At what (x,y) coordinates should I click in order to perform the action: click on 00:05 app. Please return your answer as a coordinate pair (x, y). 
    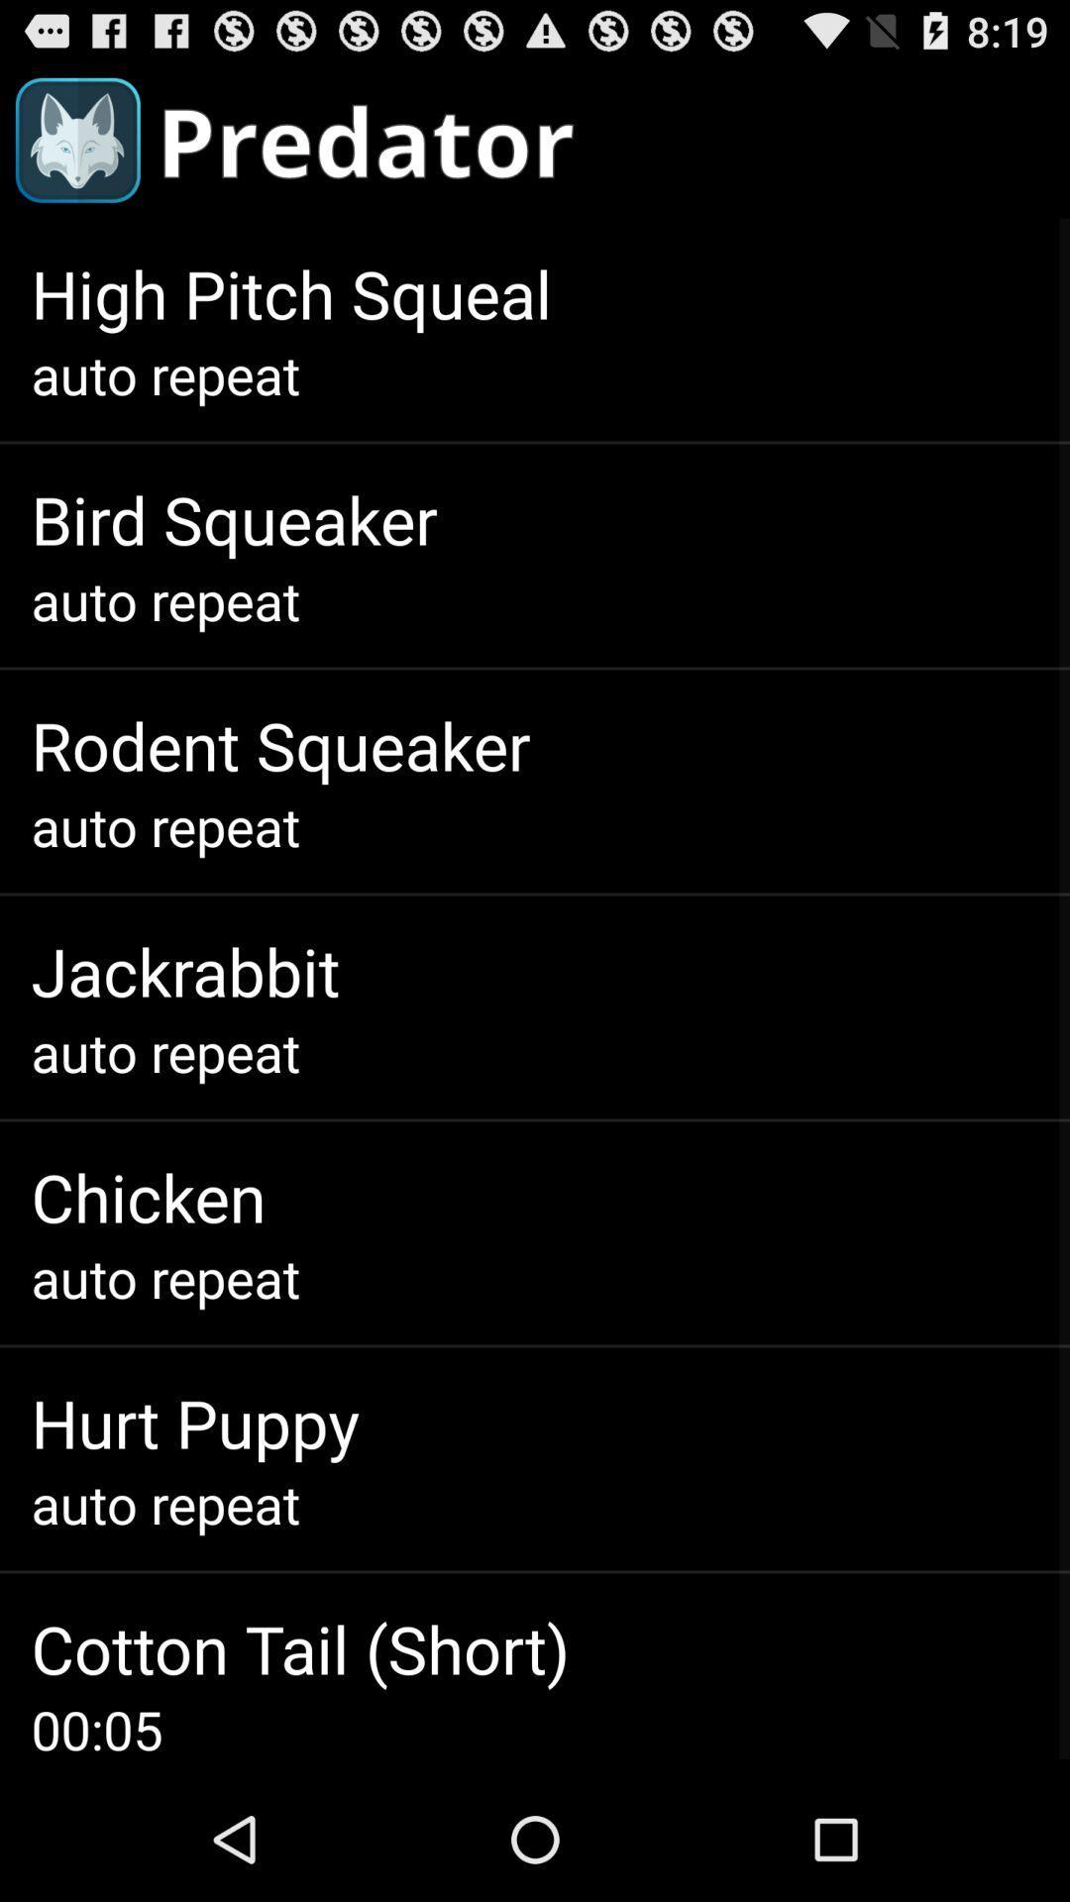
    Looking at the image, I should click on (96, 1728).